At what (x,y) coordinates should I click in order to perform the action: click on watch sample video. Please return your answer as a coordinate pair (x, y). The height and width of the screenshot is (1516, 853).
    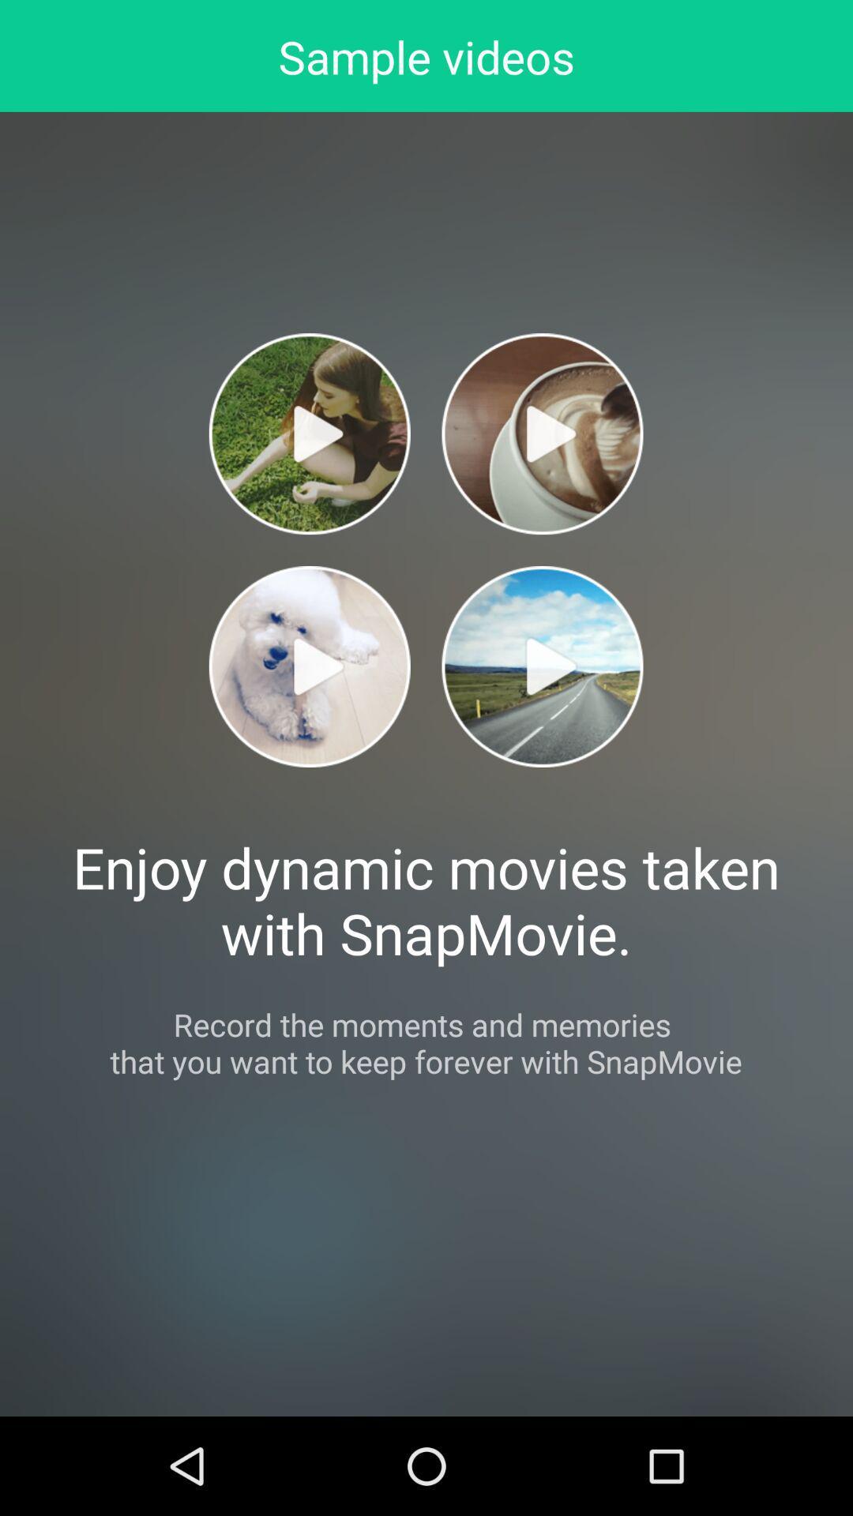
    Looking at the image, I should click on (541, 666).